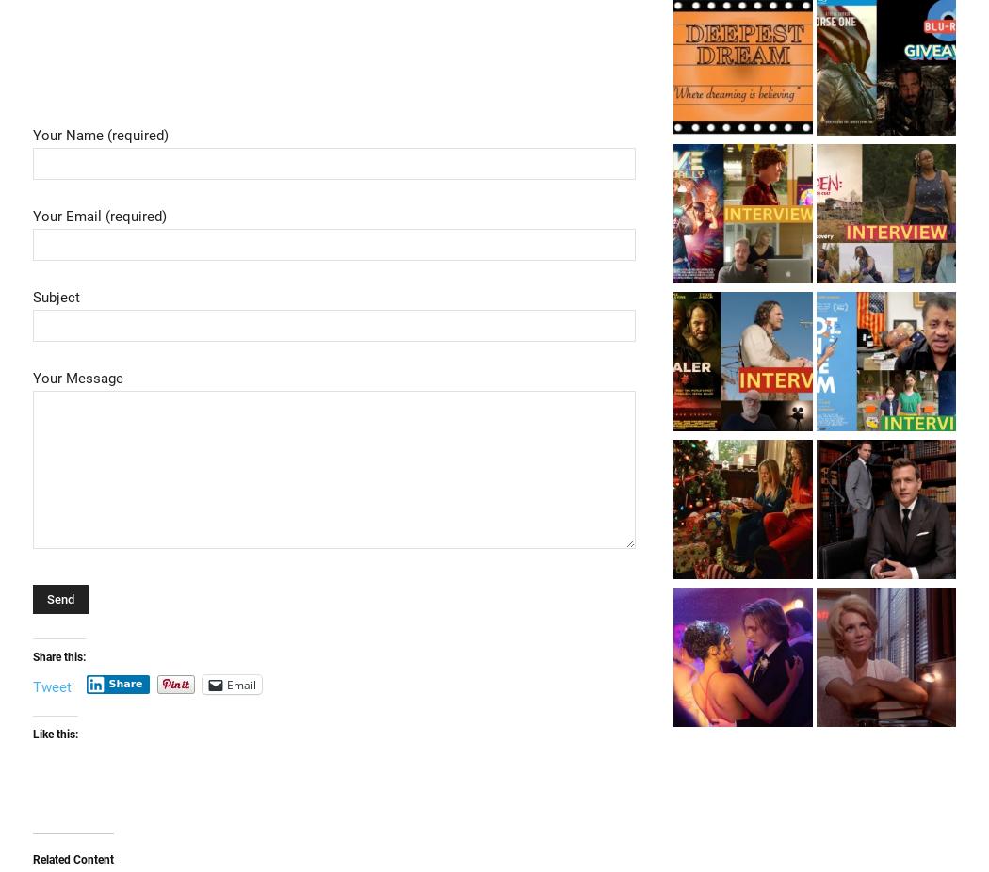 This screenshot has width=989, height=872. What do you see at coordinates (226, 684) in the screenshot?
I see `'Email'` at bounding box center [226, 684].